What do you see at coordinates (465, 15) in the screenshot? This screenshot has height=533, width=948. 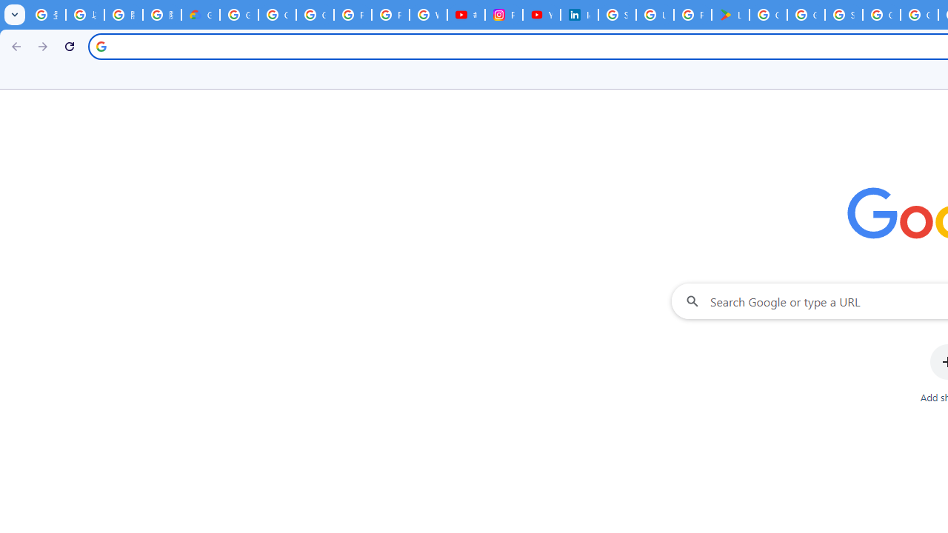 I see `'#nbabasketballhighlights - YouTube'` at bounding box center [465, 15].